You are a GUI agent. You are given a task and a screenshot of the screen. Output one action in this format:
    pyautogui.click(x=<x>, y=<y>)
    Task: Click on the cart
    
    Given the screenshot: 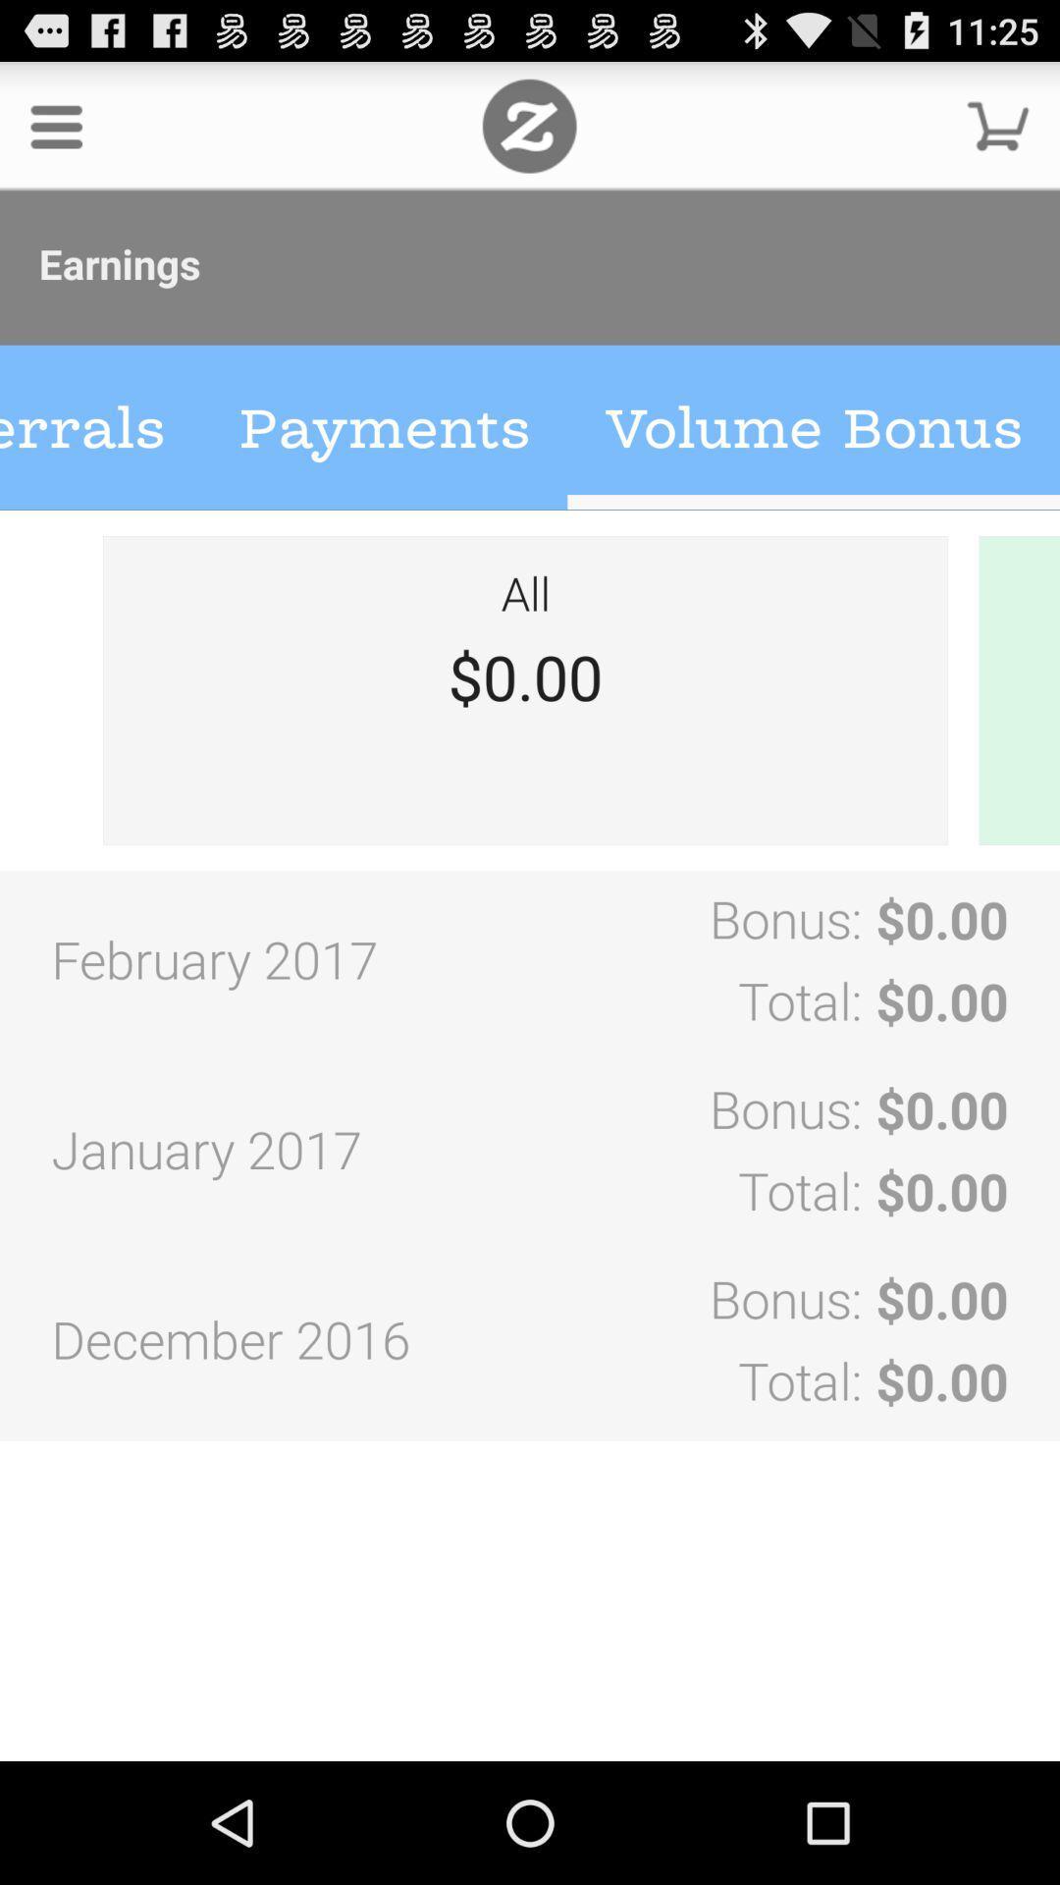 What is the action you would take?
    pyautogui.click(x=998, y=125)
    